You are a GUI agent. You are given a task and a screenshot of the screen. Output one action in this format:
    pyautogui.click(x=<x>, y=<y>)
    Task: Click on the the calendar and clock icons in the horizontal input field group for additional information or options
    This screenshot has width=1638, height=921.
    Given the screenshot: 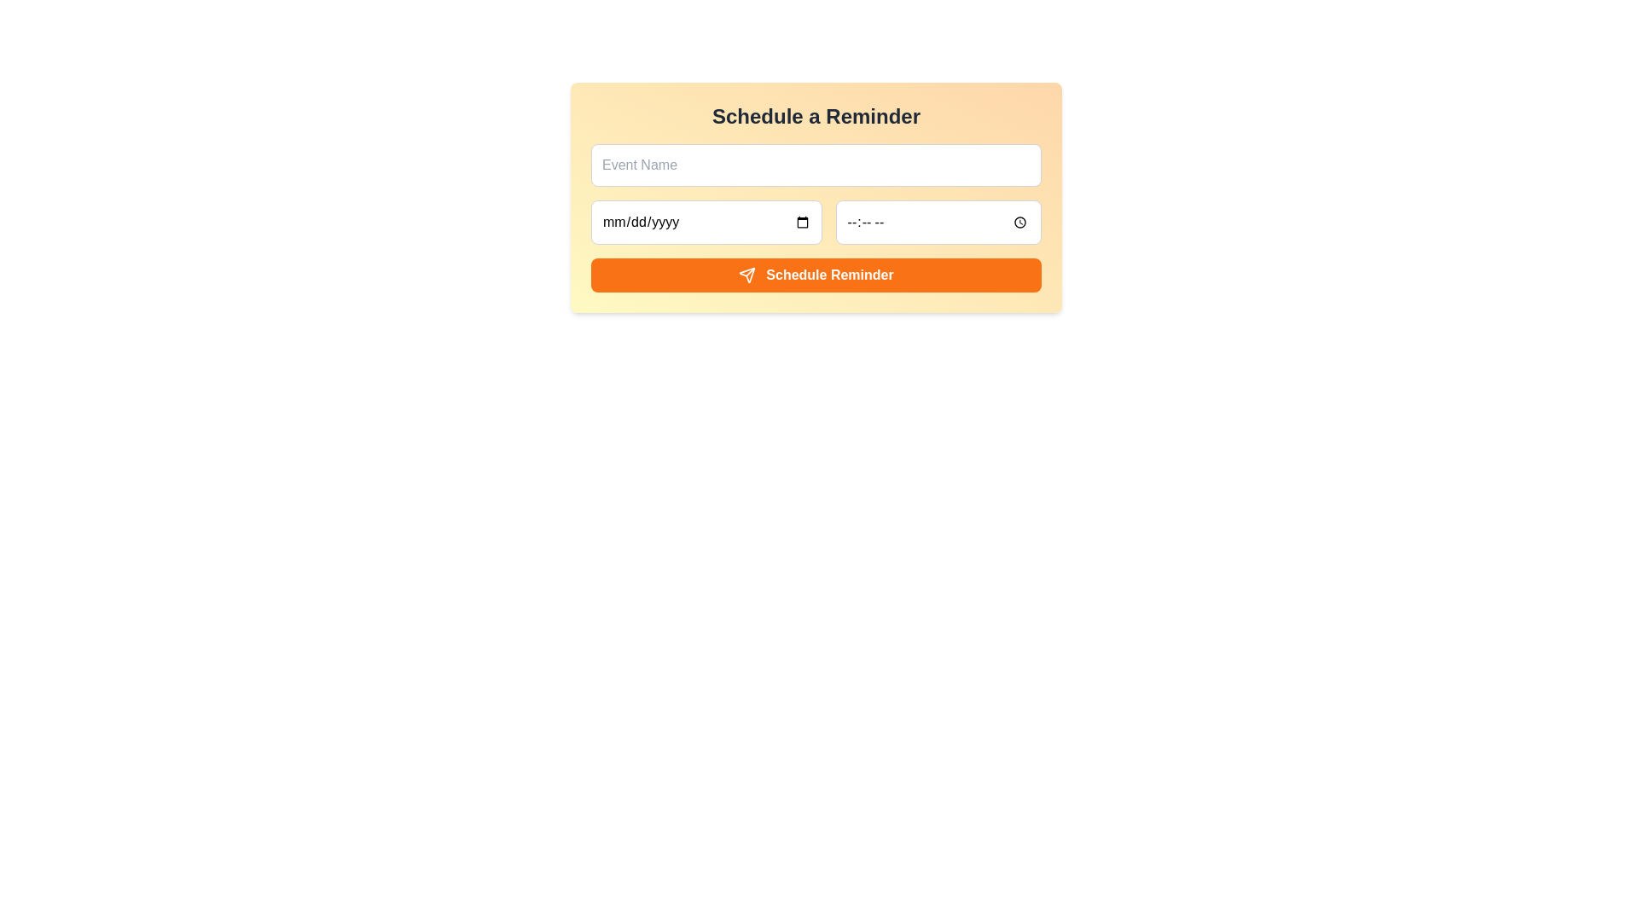 What is the action you would take?
    pyautogui.click(x=815, y=222)
    